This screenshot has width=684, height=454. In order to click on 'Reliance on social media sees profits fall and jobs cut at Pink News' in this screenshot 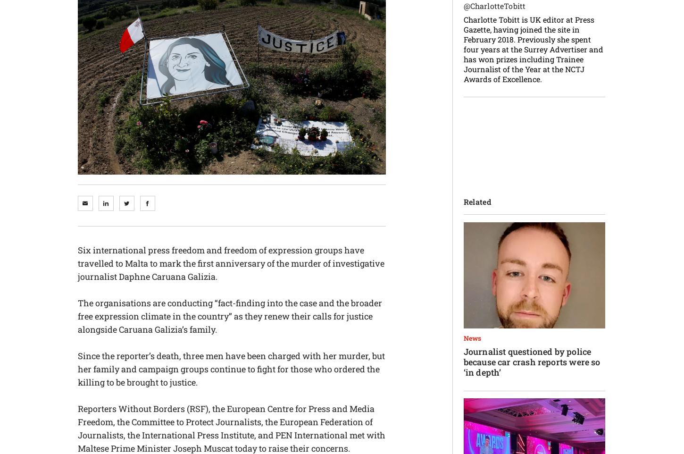, I will do `click(312, 277)`.